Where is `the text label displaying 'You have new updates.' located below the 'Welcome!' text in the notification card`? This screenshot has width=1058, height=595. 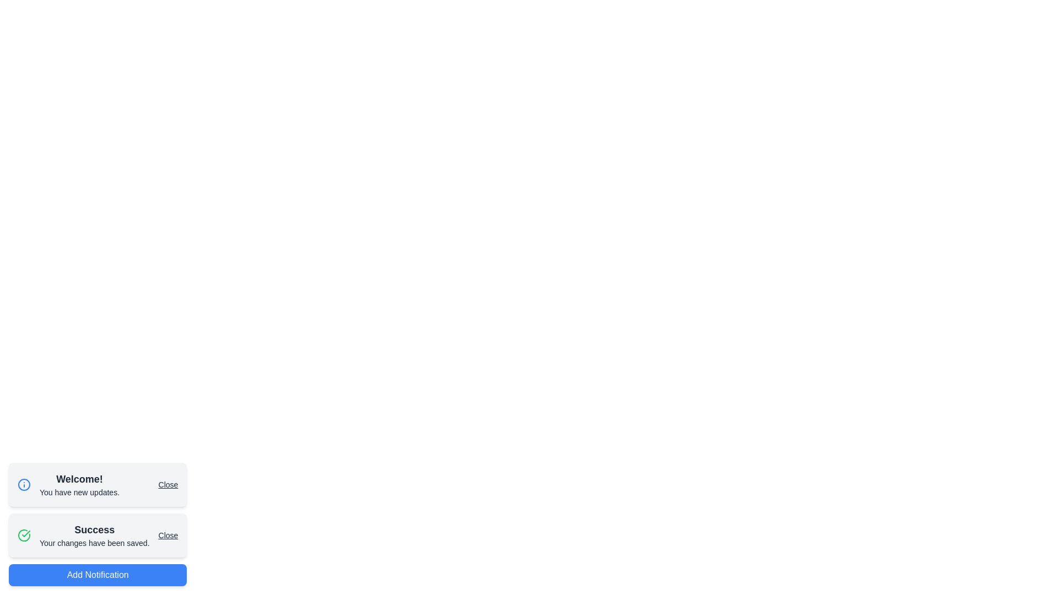 the text label displaying 'You have new updates.' located below the 'Welcome!' text in the notification card is located at coordinates (79, 492).